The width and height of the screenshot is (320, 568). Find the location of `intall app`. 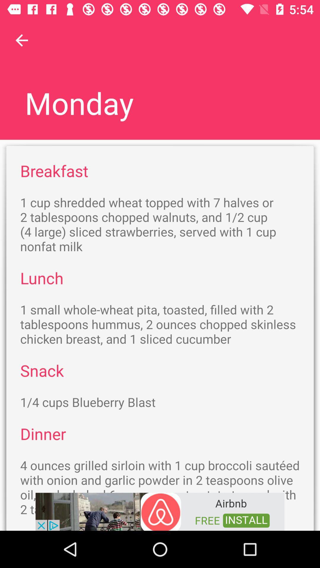

intall app is located at coordinates (160, 511).